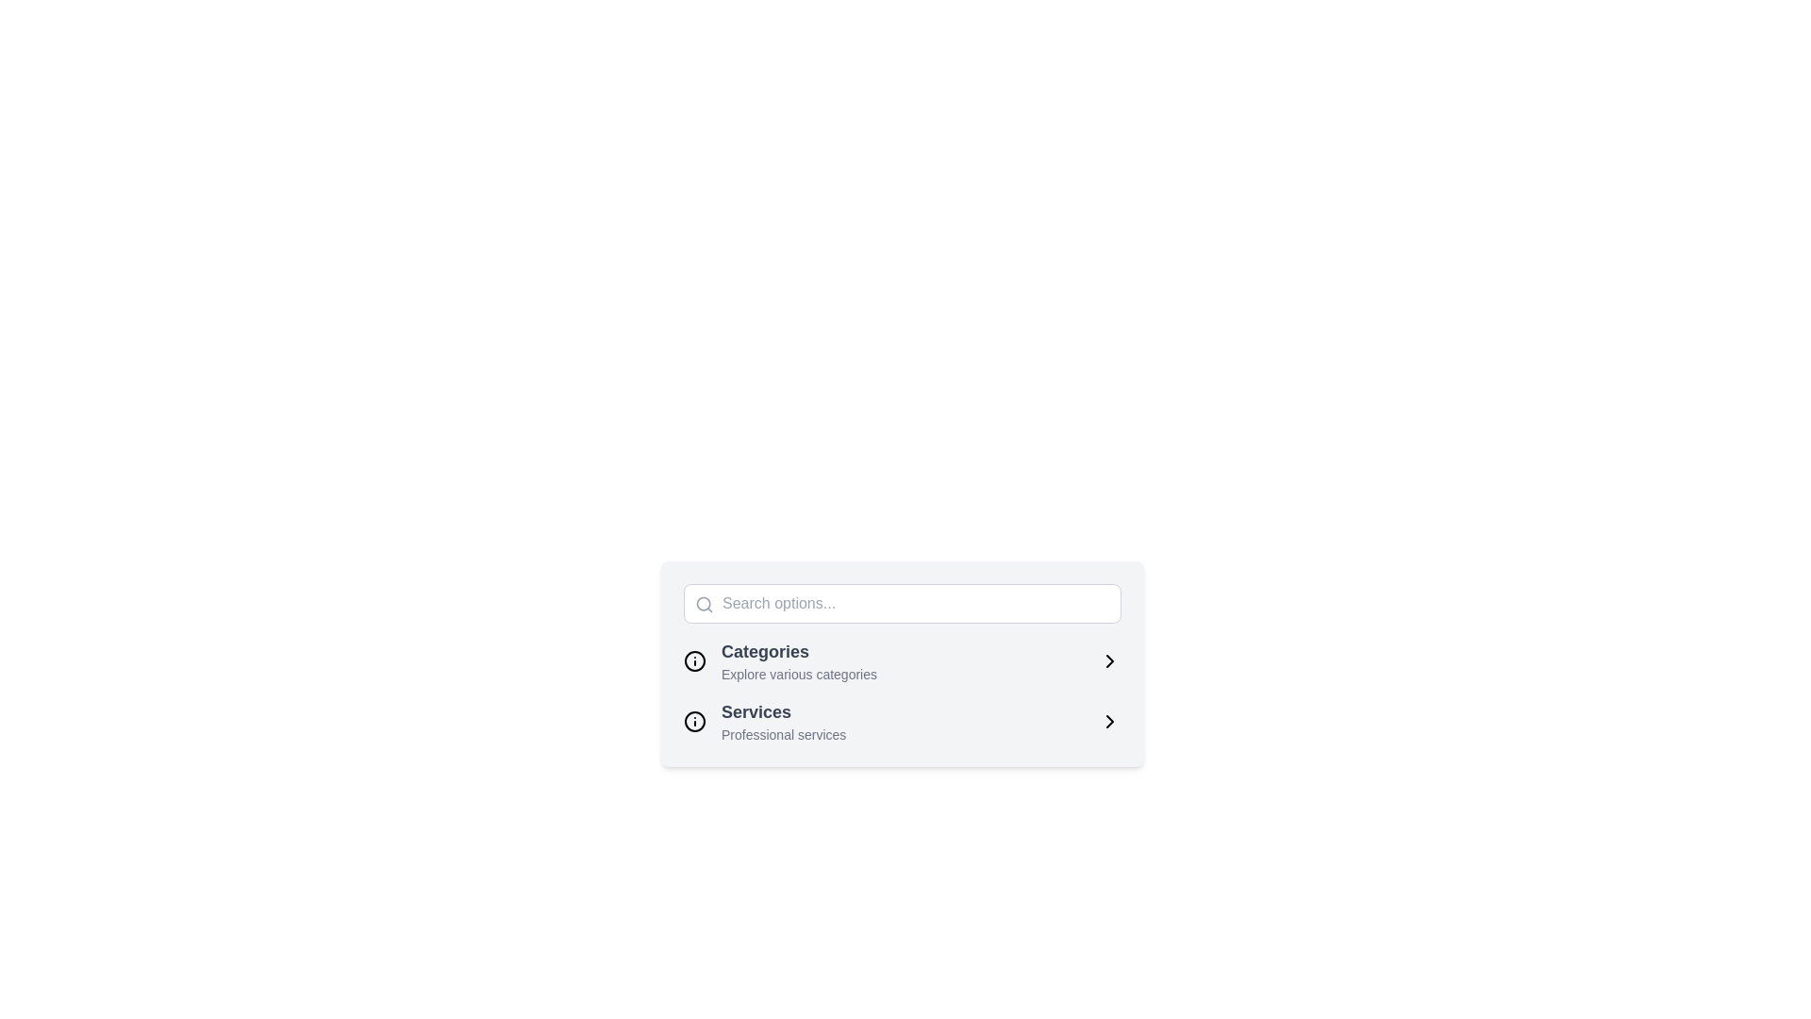  I want to click on the second List Item in the vertical category list, so click(901, 721).